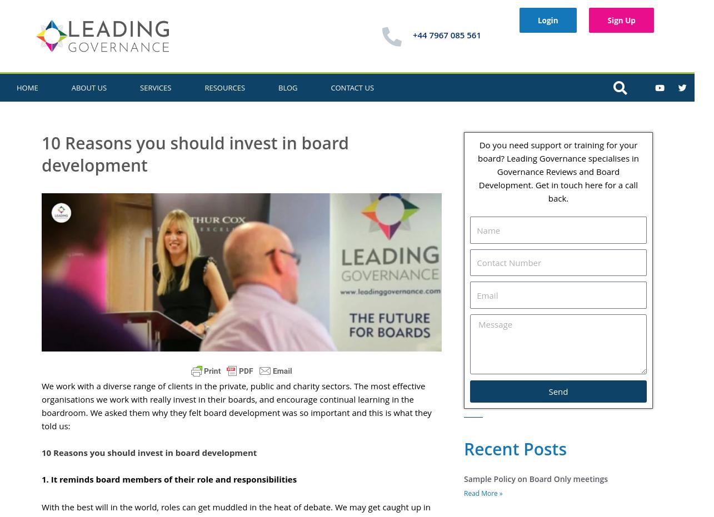 The height and width of the screenshot is (517, 714). I want to click on 'Send', so click(558, 390).